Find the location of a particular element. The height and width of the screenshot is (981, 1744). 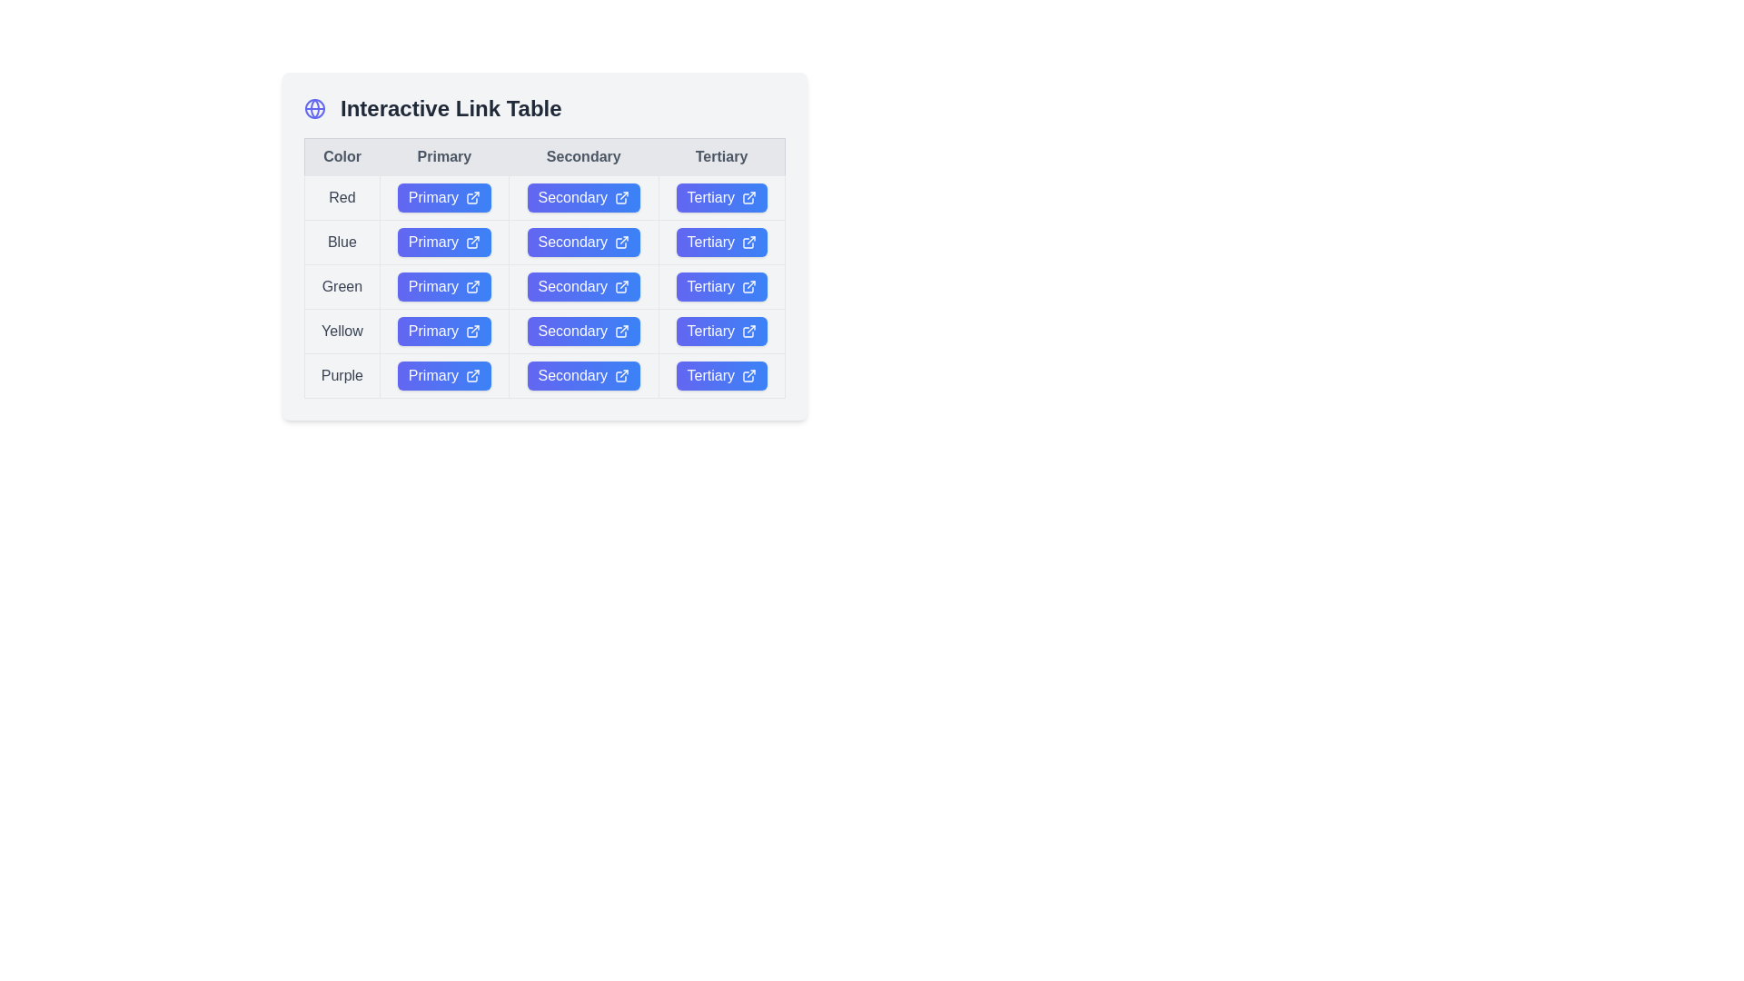

the external link icon located to the right of the 'Tertiary' button within the 'Red' color entry row of the 'Interactive Link Table' is located at coordinates (749, 198).